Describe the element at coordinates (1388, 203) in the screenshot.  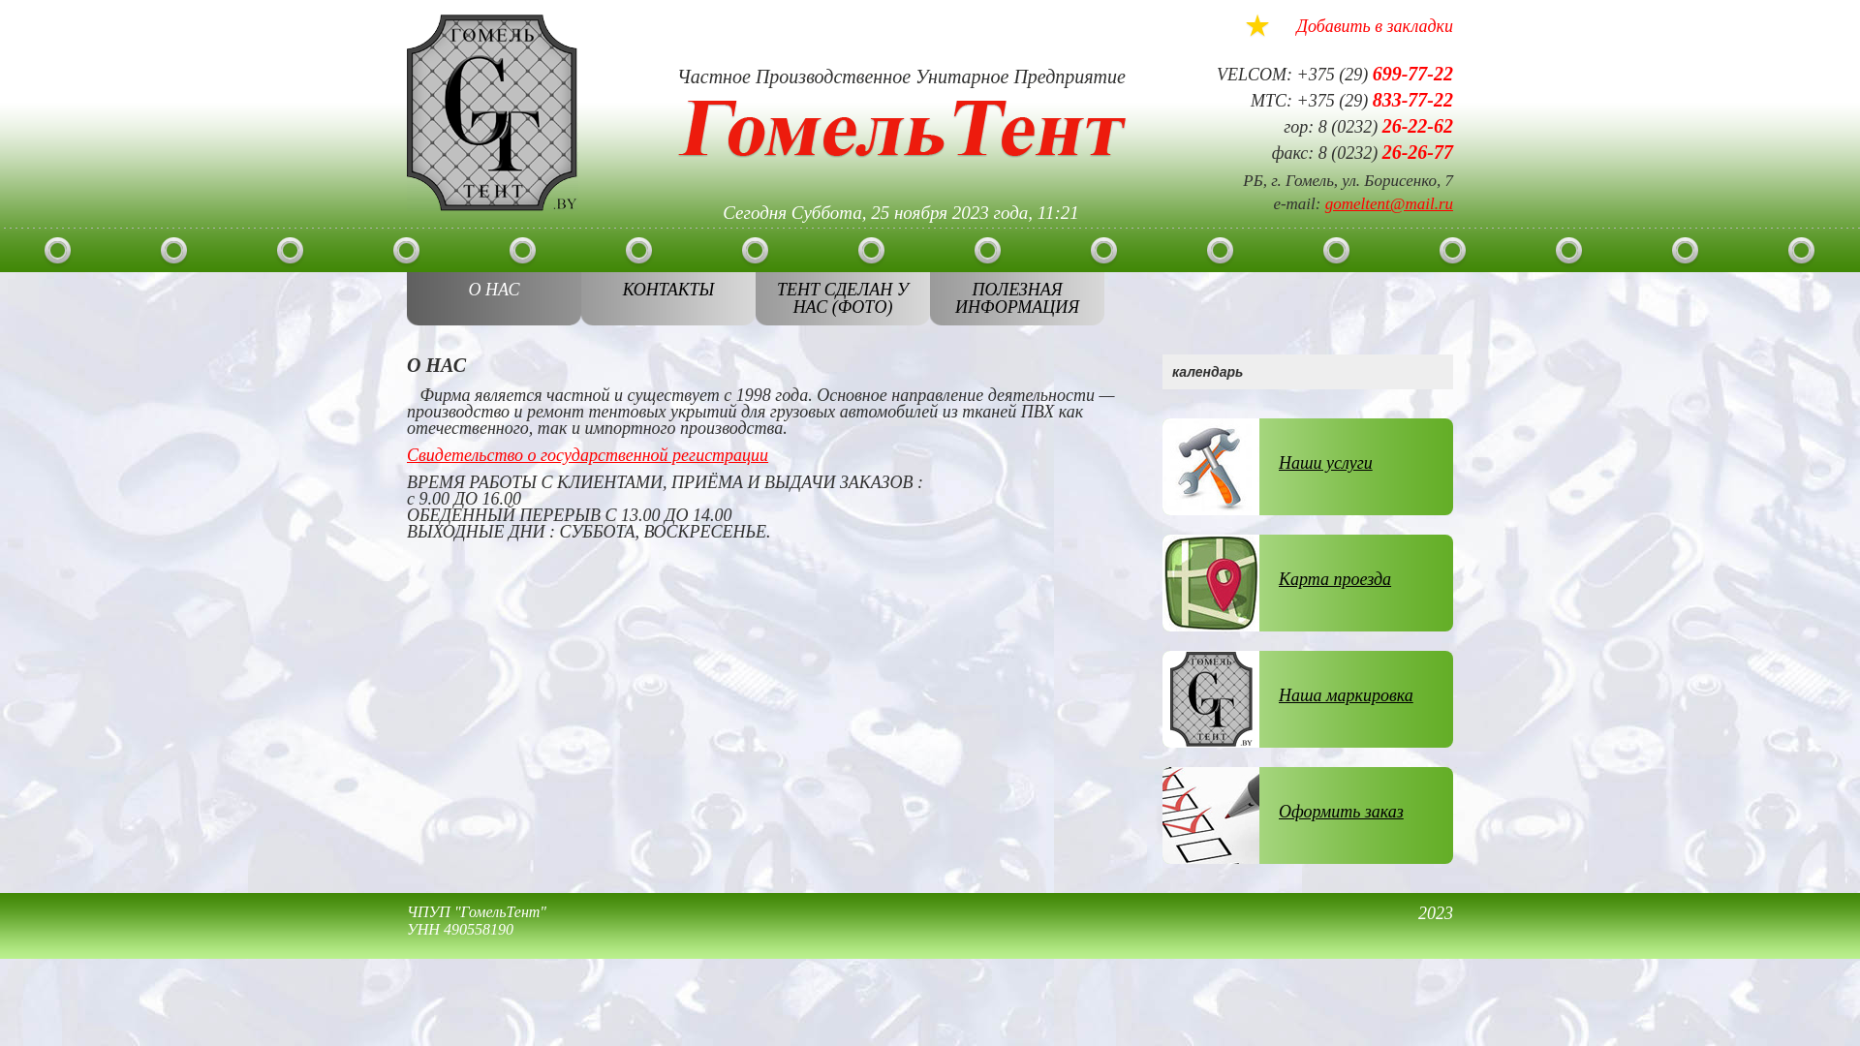
I see `'gomeltent@mail.ru'` at that location.